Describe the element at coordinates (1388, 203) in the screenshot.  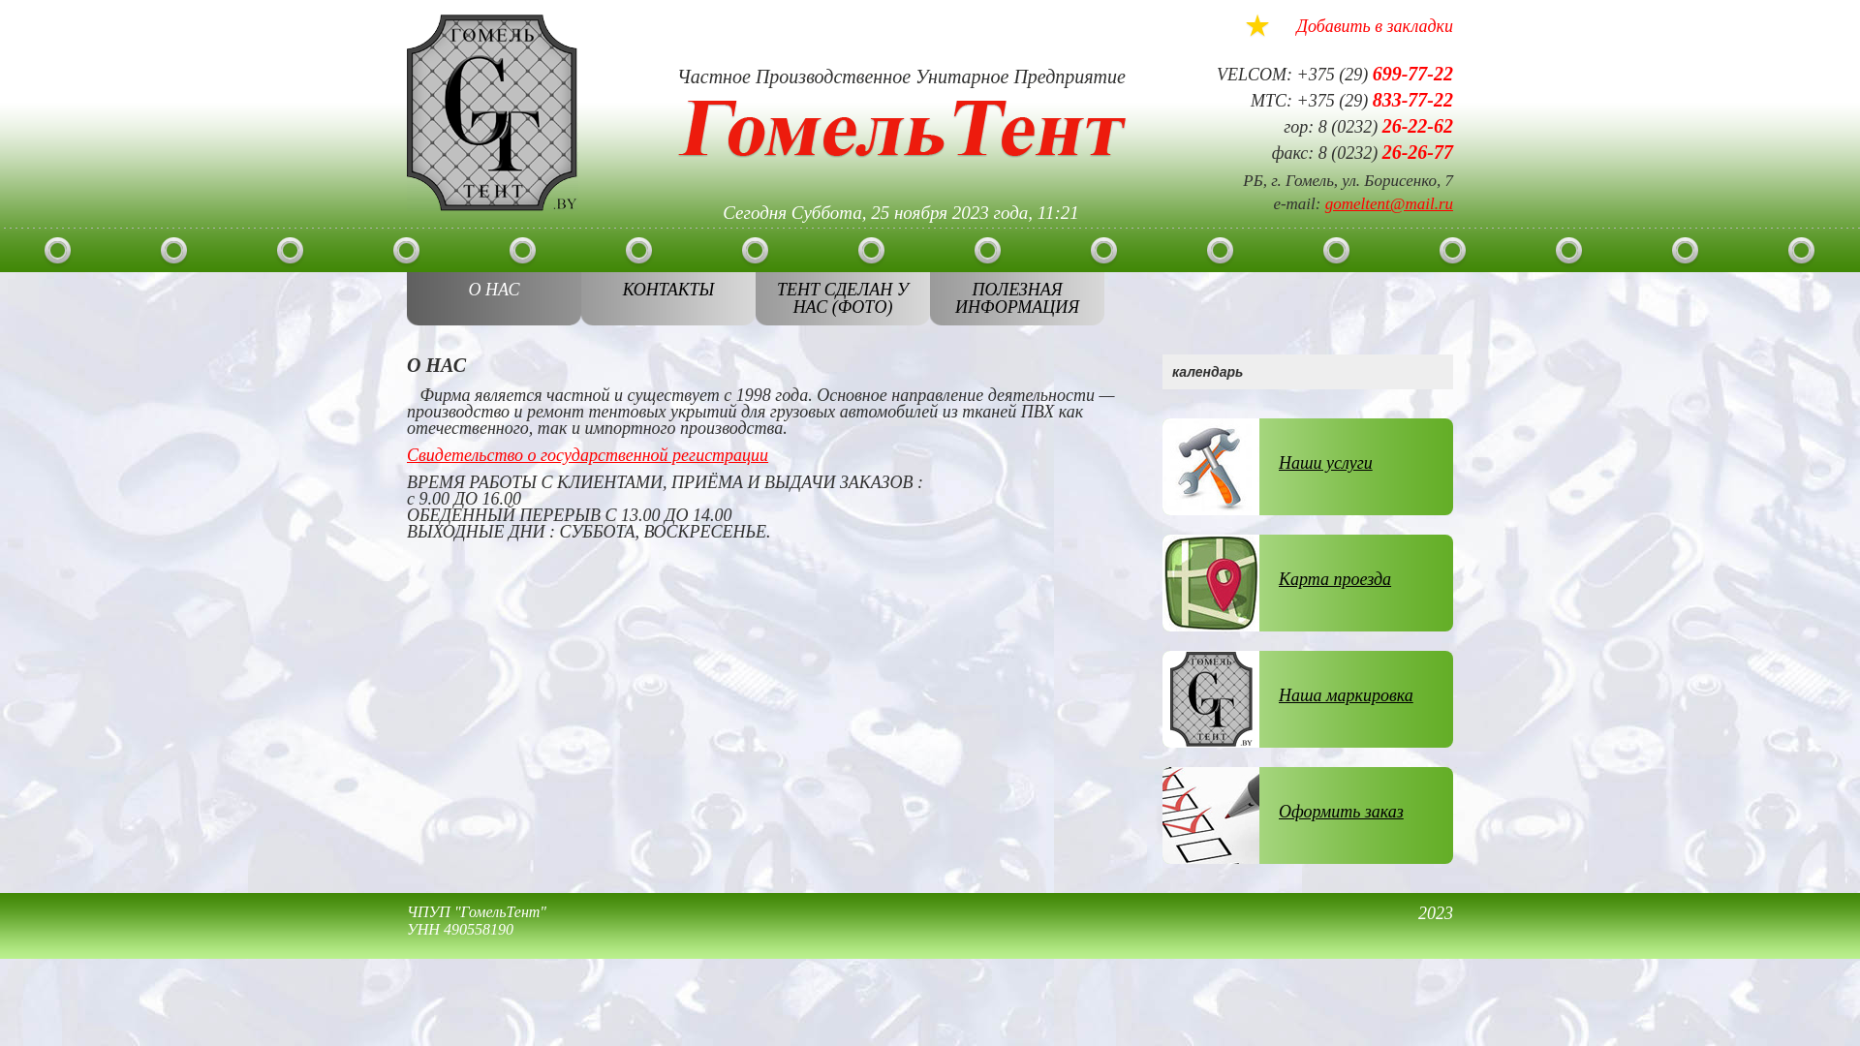
I see `'gomeltent@mail.ru'` at that location.